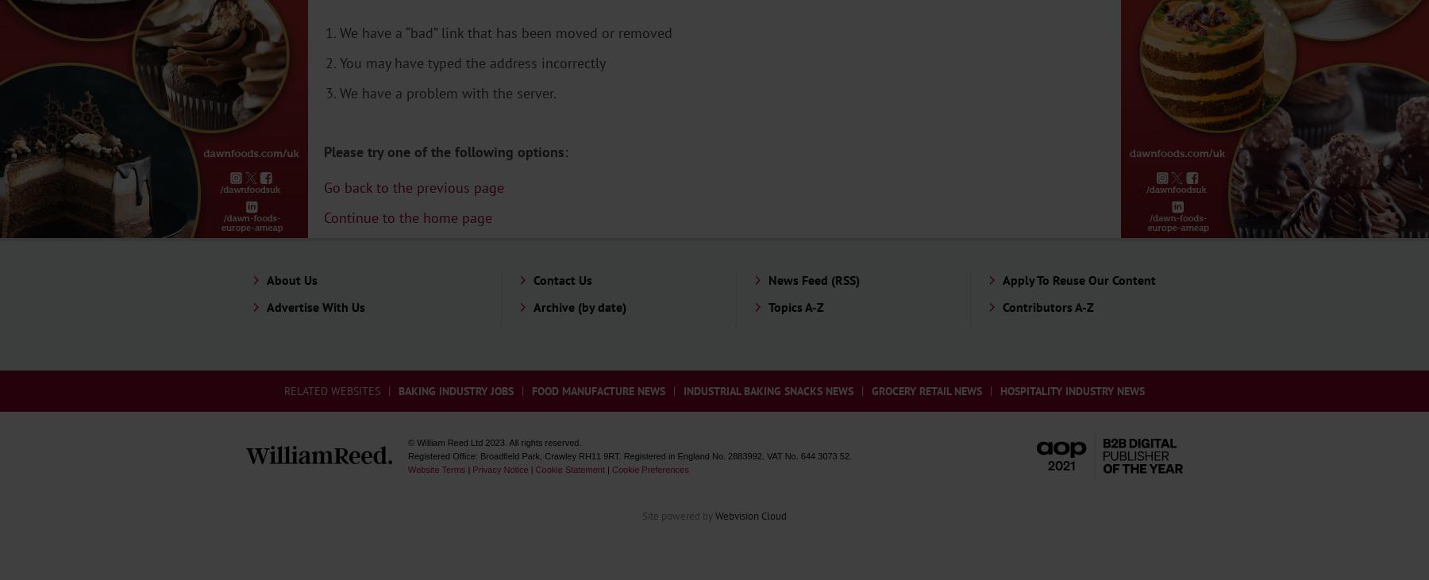  Describe the element at coordinates (332, 390) in the screenshot. I see `'Related Websites'` at that location.